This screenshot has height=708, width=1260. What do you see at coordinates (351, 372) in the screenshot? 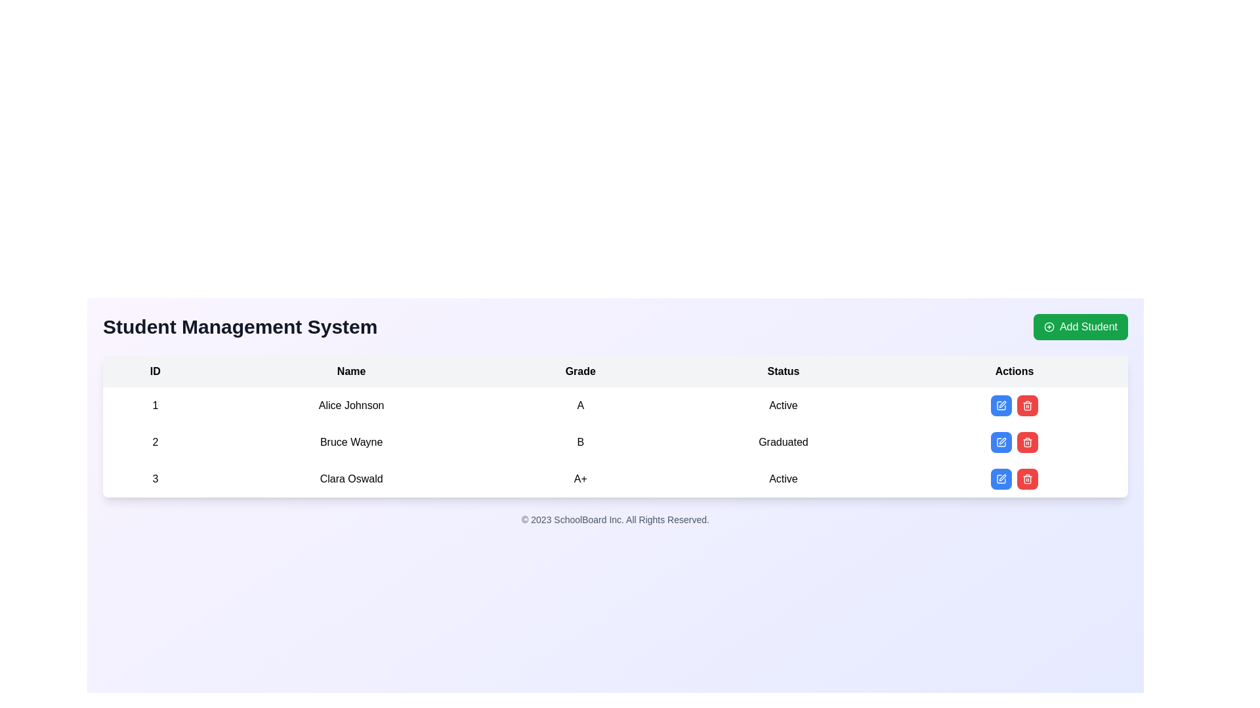
I see `the 'Name' text label in the table header, which is bold and centrally aligned above the student names column` at bounding box center [351, 372].